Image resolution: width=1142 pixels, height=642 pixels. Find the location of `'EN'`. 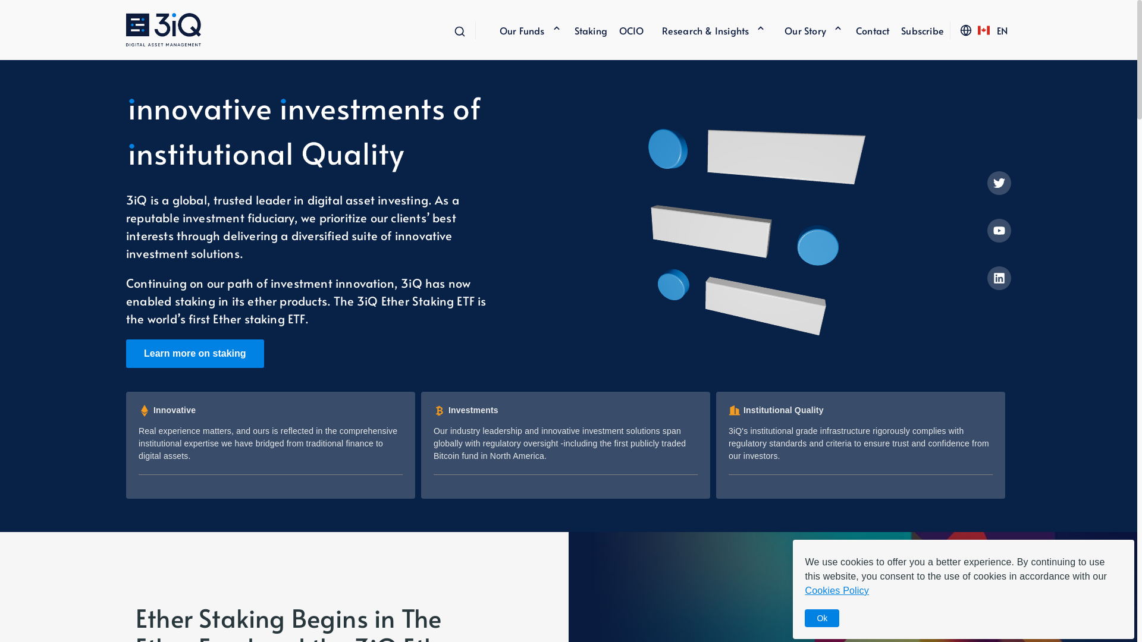

'EN' is located at coordinates (1001, 29).